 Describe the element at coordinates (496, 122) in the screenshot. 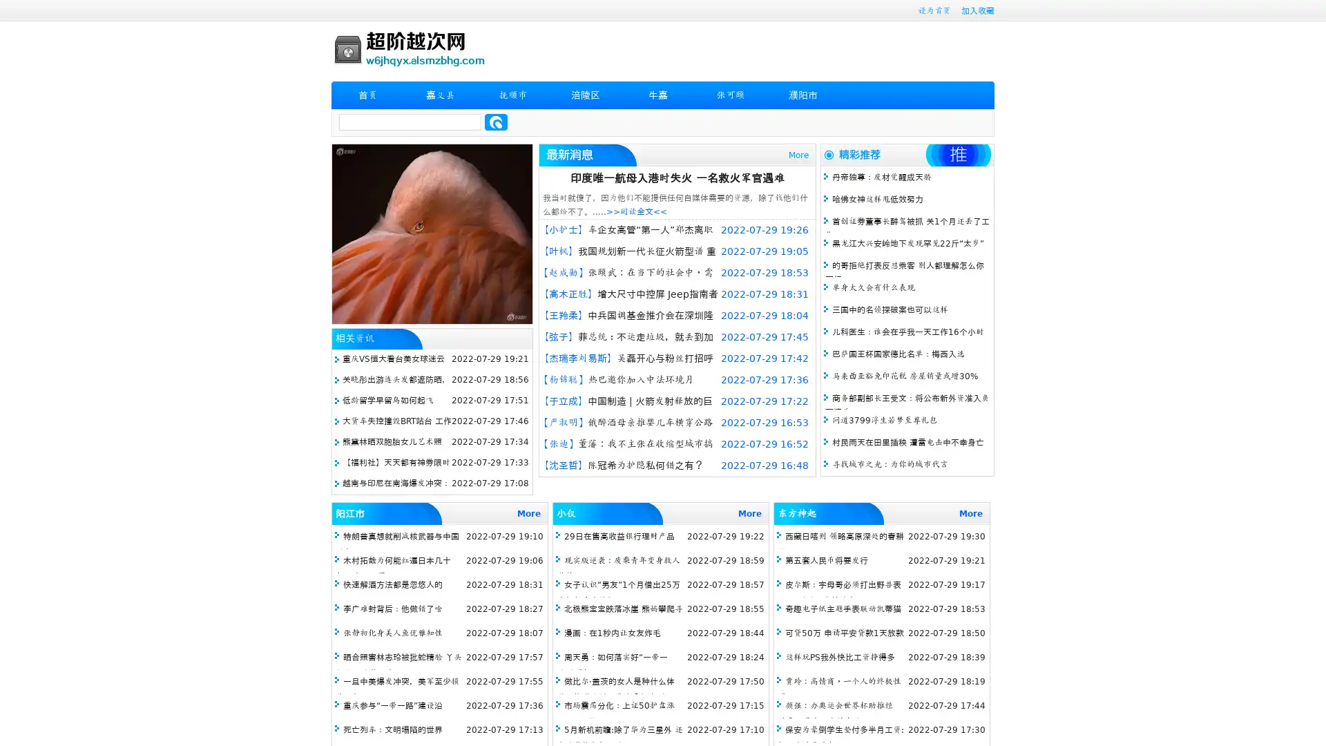

I see `Search` at that location.